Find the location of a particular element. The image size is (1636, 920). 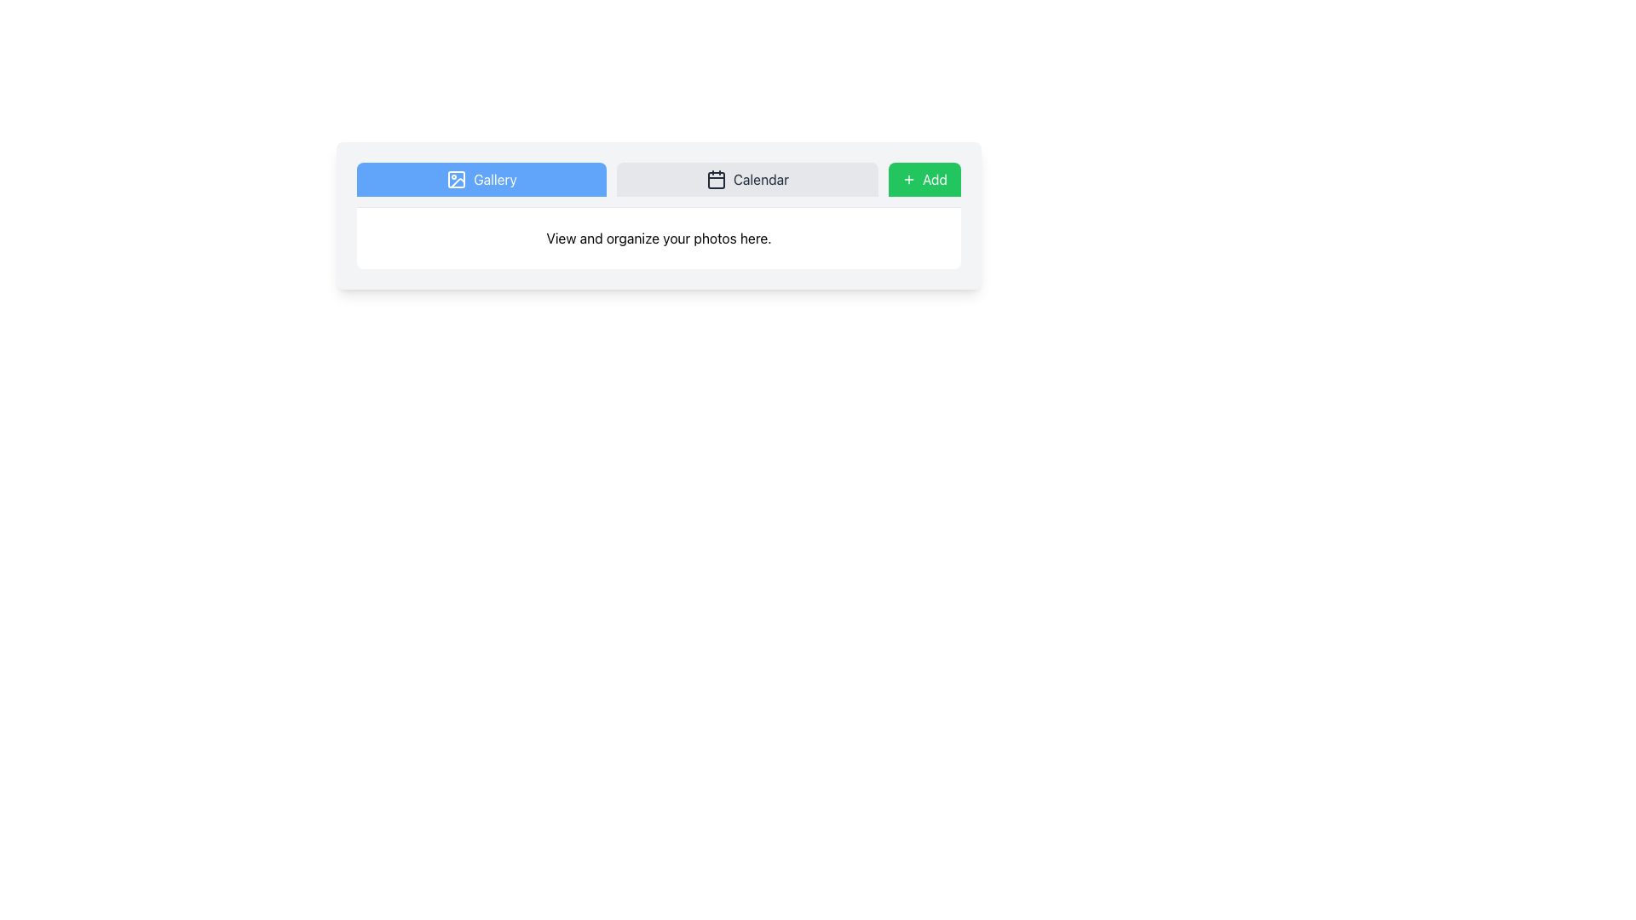

the 'Add' text label within the green button located at the rightmost part of the header bar is located at coordinates (934, 180).